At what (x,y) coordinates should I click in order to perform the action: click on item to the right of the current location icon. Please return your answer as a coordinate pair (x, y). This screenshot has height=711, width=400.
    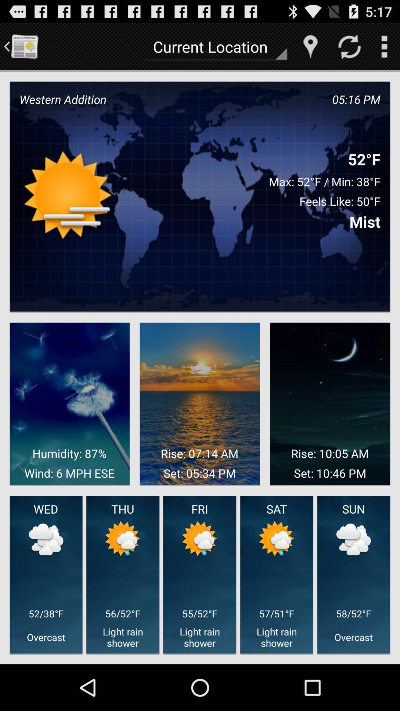
    Looking at the image, I should click on (310, 46).